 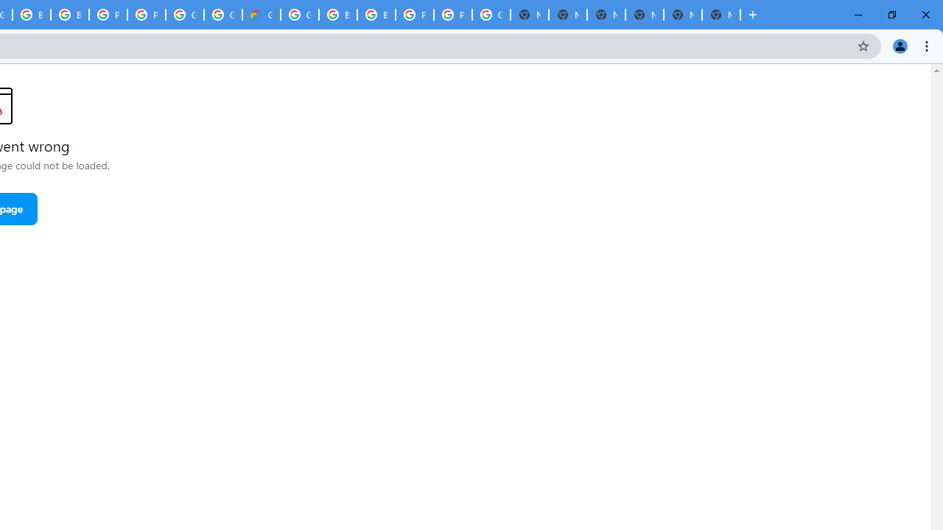 I want to click on 'Google Cloud Platform', so click(x=183, y=15).